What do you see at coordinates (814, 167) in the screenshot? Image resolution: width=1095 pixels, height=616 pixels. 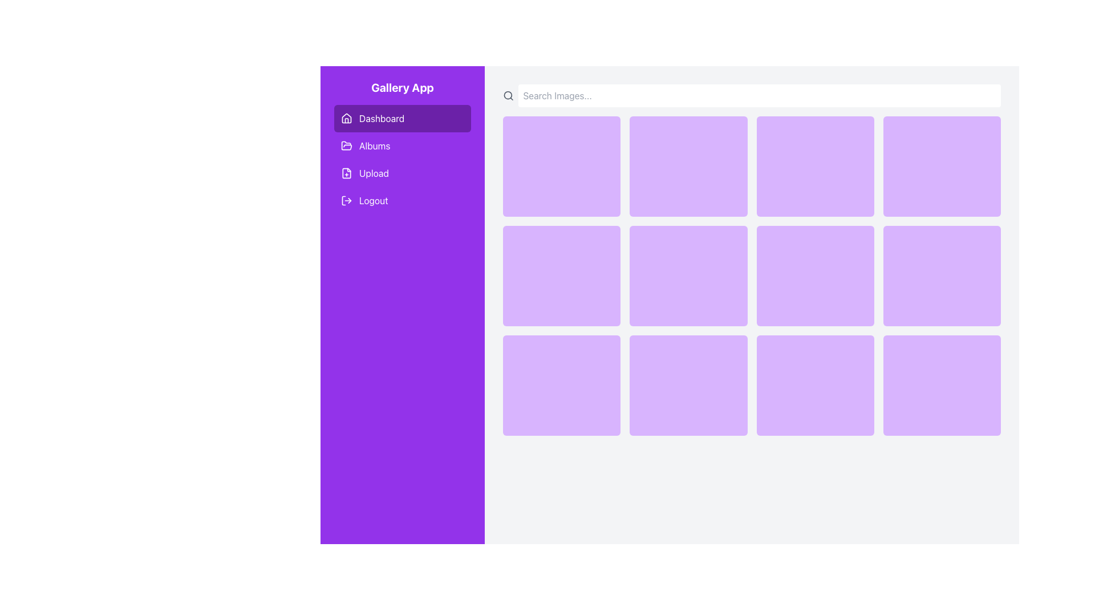 I see `the third box in the first row of a 4x4 grid layout, which has a purple background that transitions to a darker shade upon hover` at bounding box center [814, 167].